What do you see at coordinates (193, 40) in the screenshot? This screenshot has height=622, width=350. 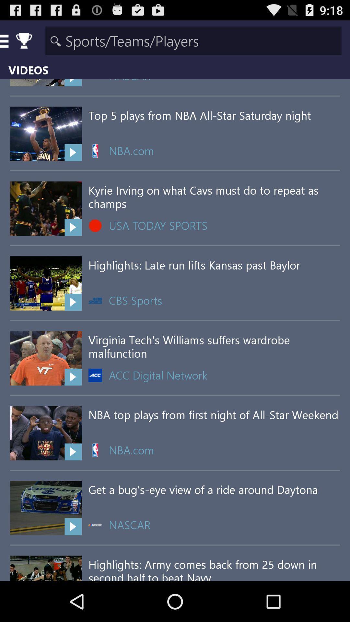 I see `search for sports teams or players` at bounding box center [193, 40].